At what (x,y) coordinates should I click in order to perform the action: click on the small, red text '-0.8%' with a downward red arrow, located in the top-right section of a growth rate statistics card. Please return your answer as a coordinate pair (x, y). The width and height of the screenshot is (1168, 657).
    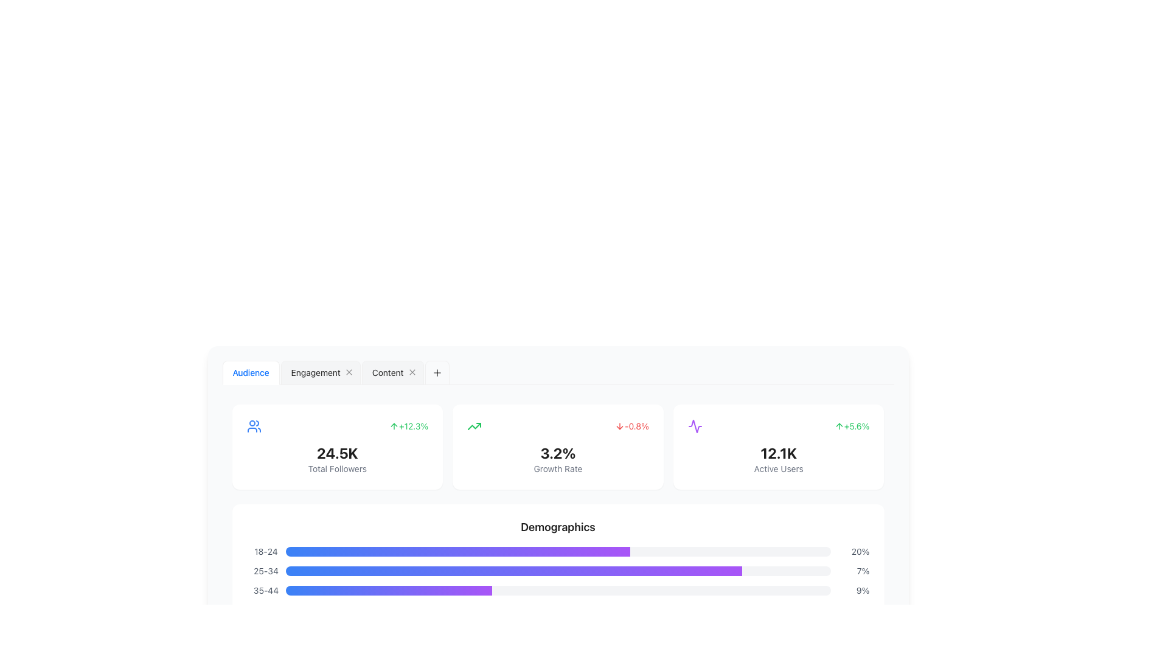
    Looking at the image, I should click on (557, 426).